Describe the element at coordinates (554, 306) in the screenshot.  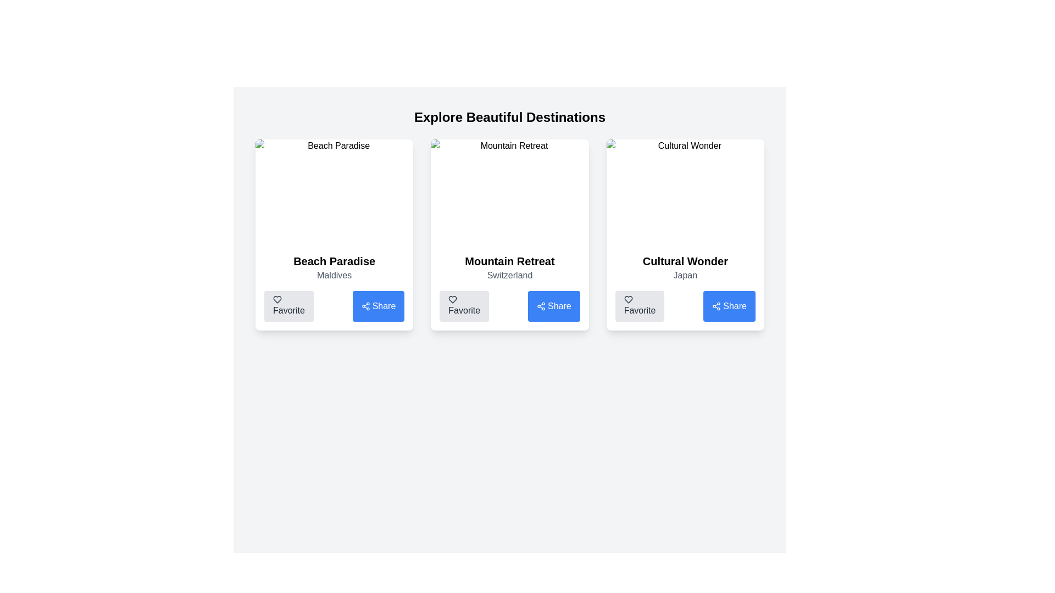
I see `the 'Share' button, which is a rectangular button with rounded corners, blue background, white text, and a share icon, located at the bottom of the second card in a grid layout` at that location.